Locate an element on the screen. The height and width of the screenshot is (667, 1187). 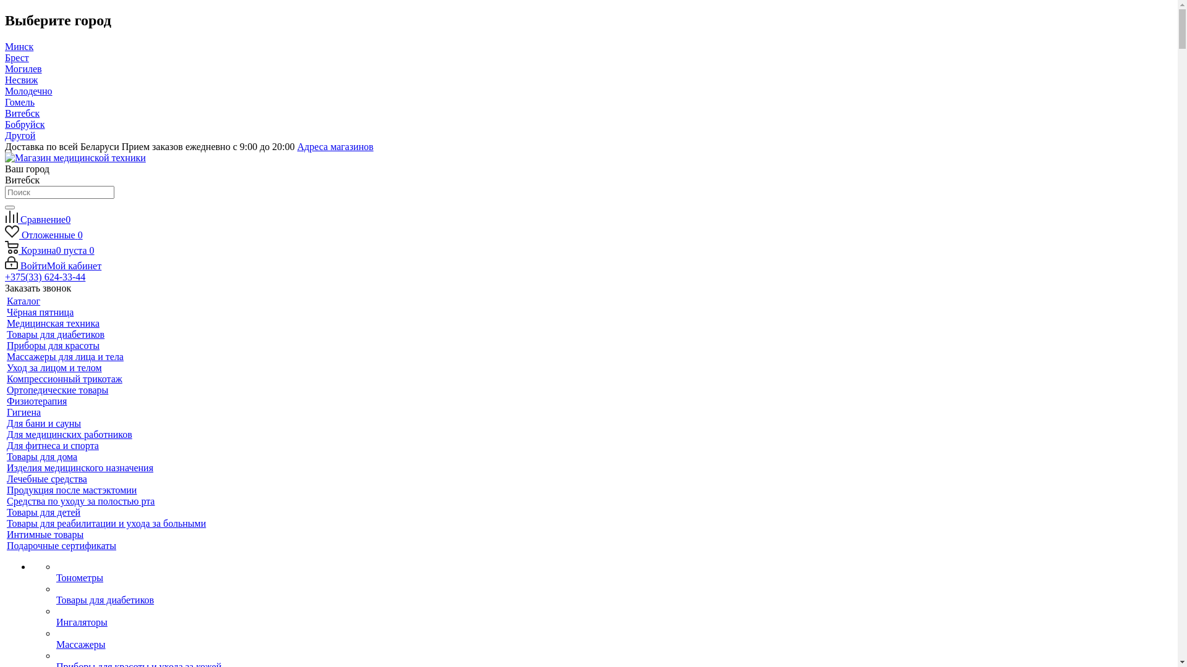
'+375(33) 624-33-44' is located at coordinates (5, 276).